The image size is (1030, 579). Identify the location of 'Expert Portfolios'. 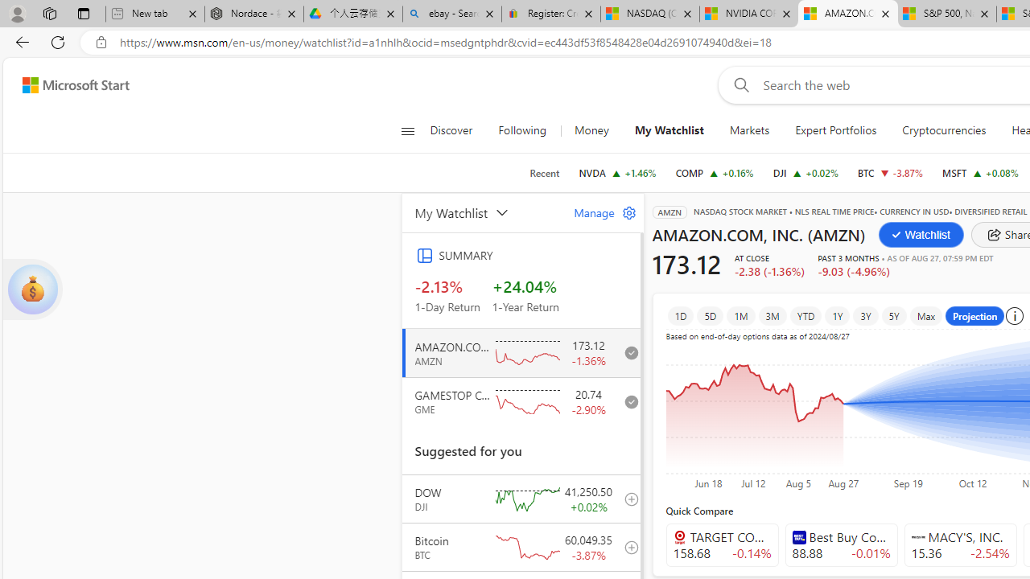
(836, 130).